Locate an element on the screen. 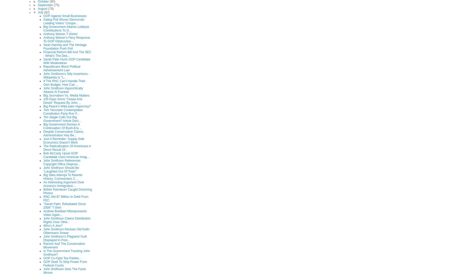  'Is The Government Tracking John Smithson?' is located at coordinates (66, 252).